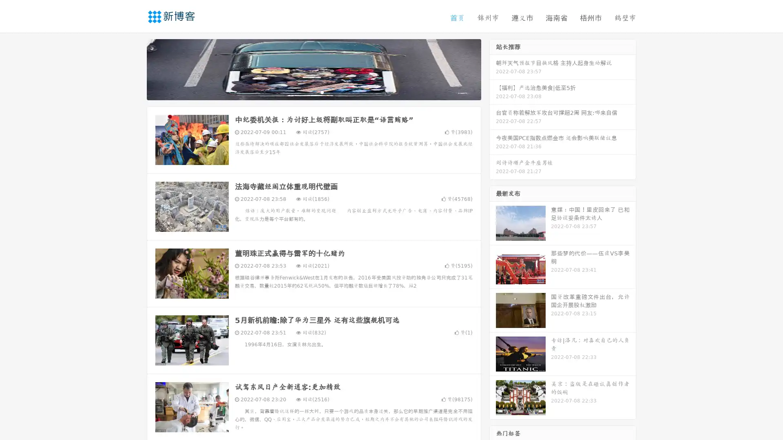 This screenshot has width=783, height=440. What do you see at coordinates (135, 68) in the screenshot?
I see `Previous slide` at bounding box center [135, 68].